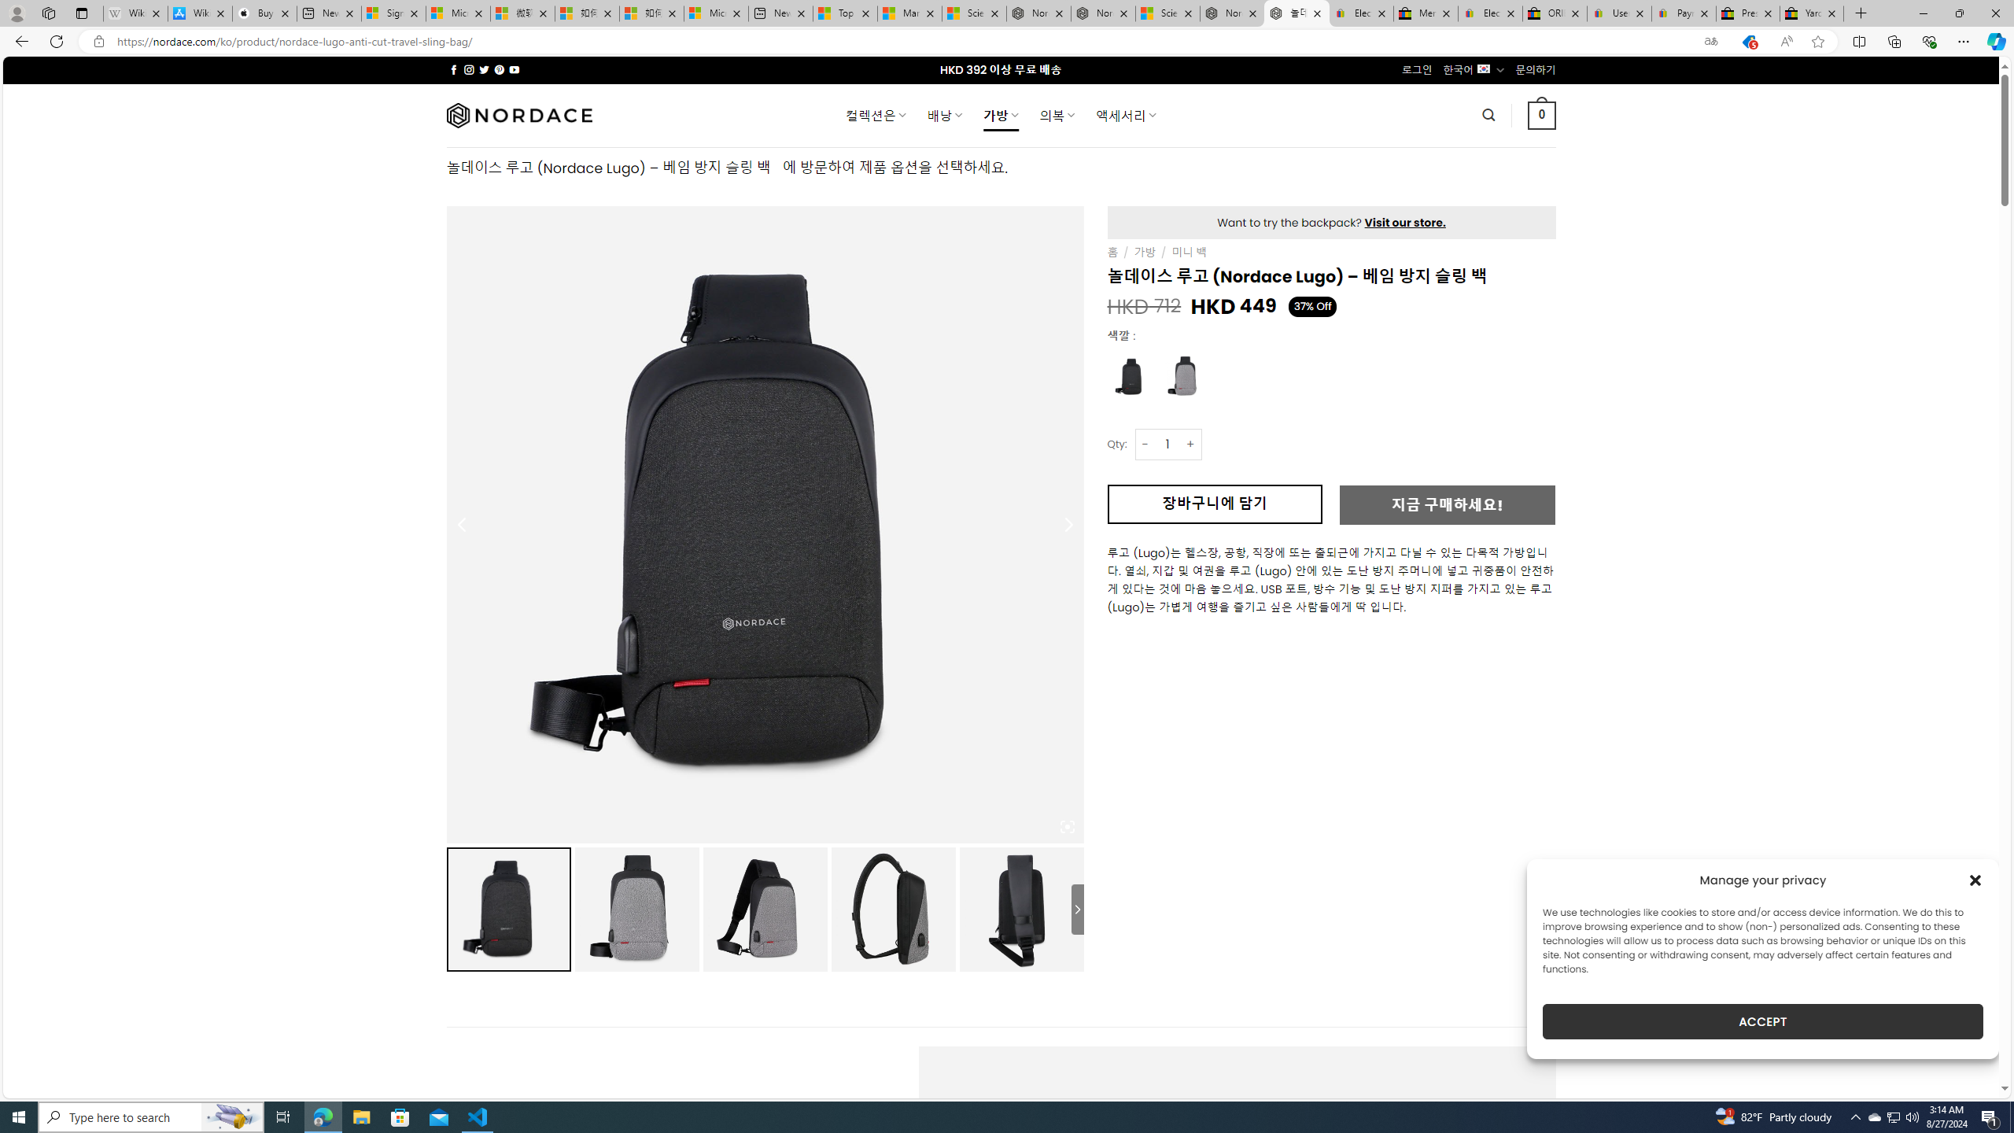 Image resolution: width=2014 pixels, height=1133 pixels. Describe the element at coordinates (1747, 42) in the screenshot. I see `'You have the best price!'` at that location.